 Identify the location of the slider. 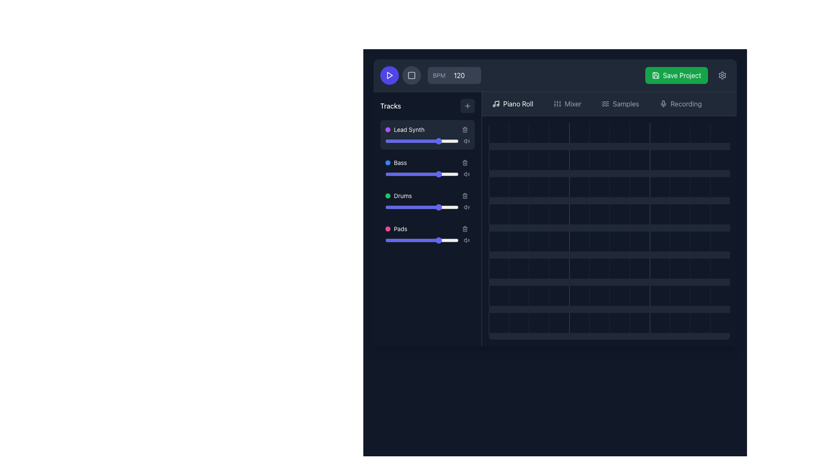
(453, 174).